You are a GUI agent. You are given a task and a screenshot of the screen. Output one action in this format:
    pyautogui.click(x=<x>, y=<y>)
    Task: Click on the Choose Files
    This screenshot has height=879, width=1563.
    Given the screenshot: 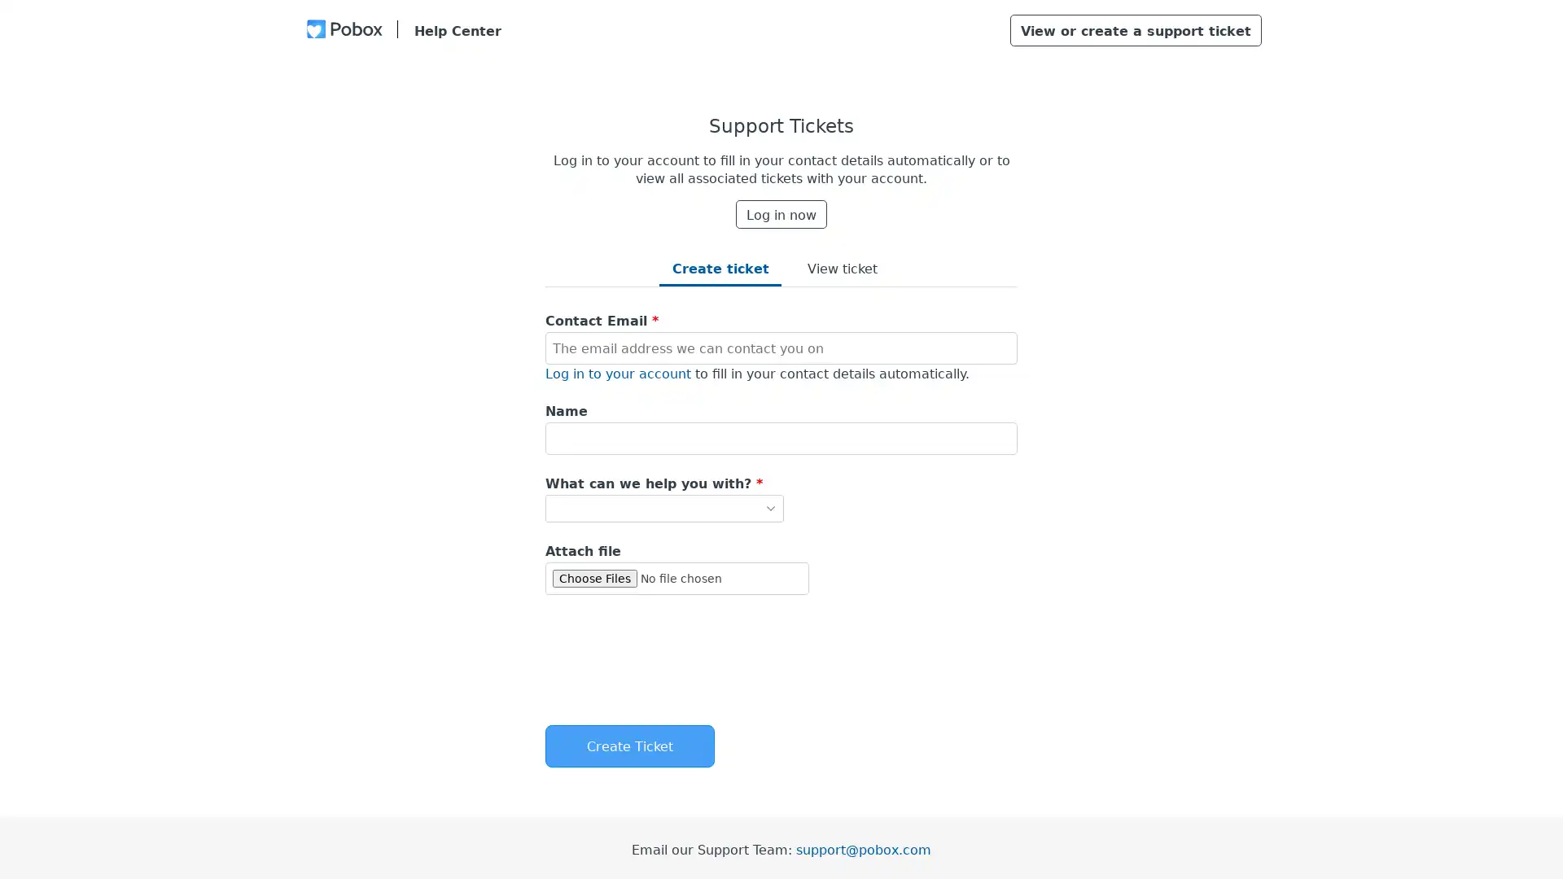 What is the action you would take?
    pyautogui.click(x=593, y=577)
    